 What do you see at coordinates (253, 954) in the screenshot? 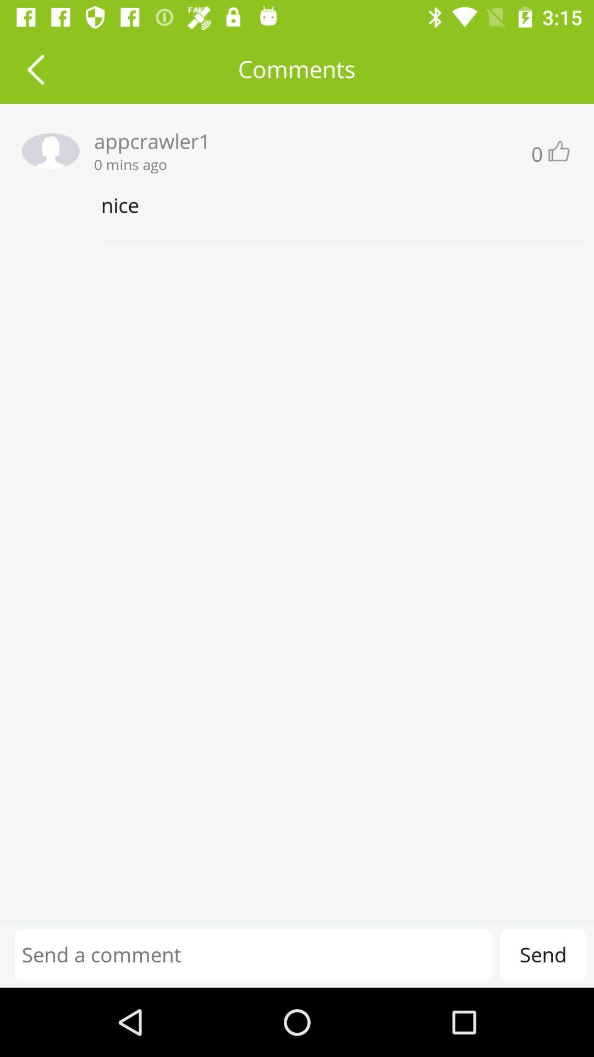
I see `type in commet` at bounding box center [253, 954].